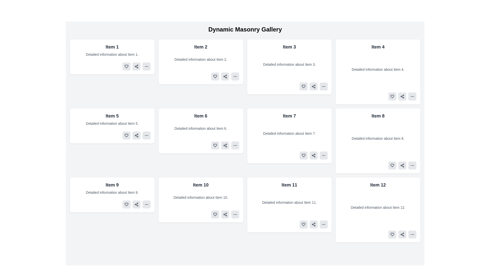 The height and width of the screenshot is (270, 481). Describe the element at coordinates (378, 47) in the screenshot. I see `text label 'Item 4' located in the top right corner of the grid layout in the header section of the fourth card` at that location.